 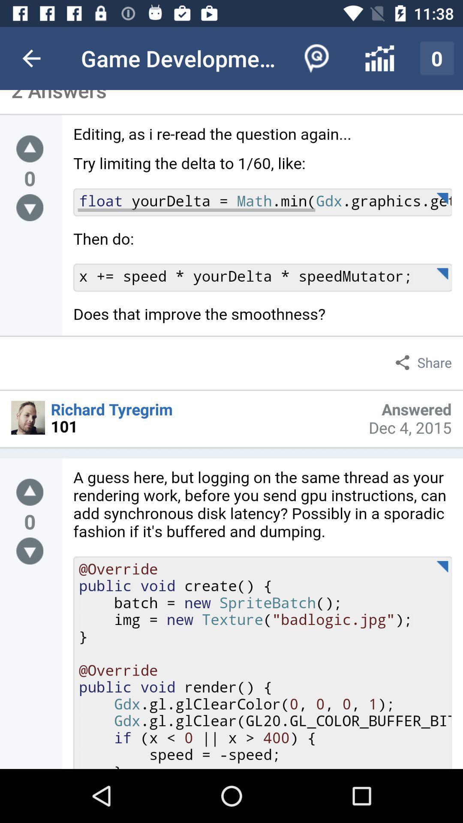 I want to click on click on profile image, so click(x=27, y=418).